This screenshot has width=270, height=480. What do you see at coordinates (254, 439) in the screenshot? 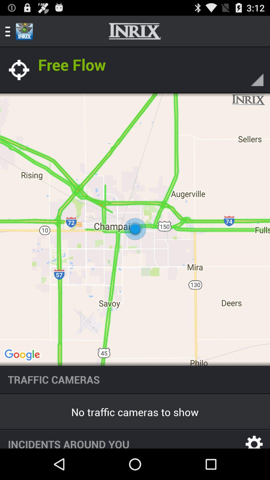
I see `setting` at bounding box center [254, 439].